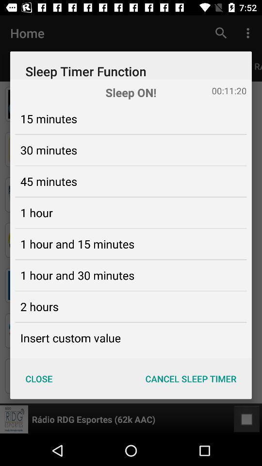  I want to click on the icon above the 1 hour, so click(48, 181).